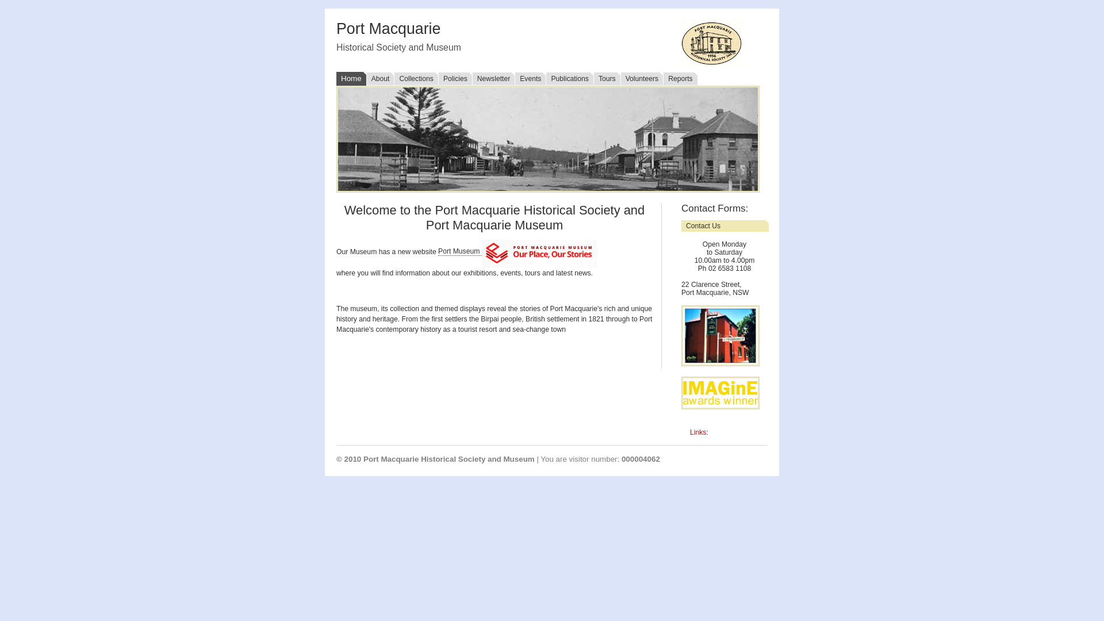  I want to click on 'Events', so click(529, 78).